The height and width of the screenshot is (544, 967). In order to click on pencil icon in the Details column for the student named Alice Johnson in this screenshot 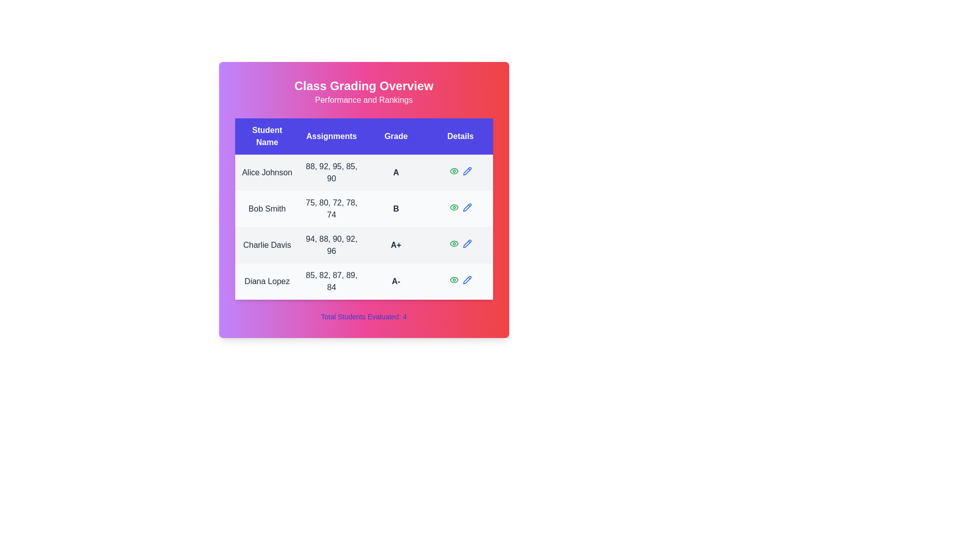, I will do `click(466, 170)`.